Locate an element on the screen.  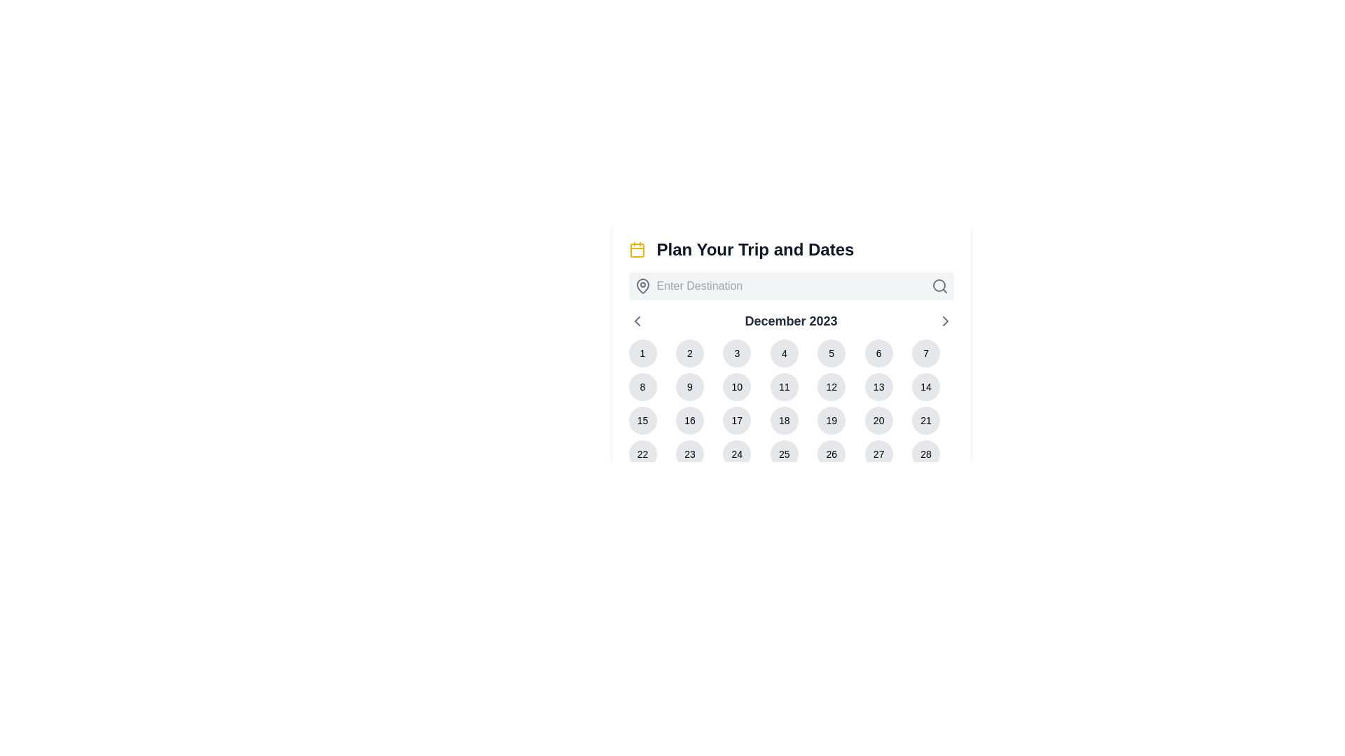
the button representing the 18th day of the month in the date-picker interface, located in the fifth column of the third row is located at coordinates (783, 420).